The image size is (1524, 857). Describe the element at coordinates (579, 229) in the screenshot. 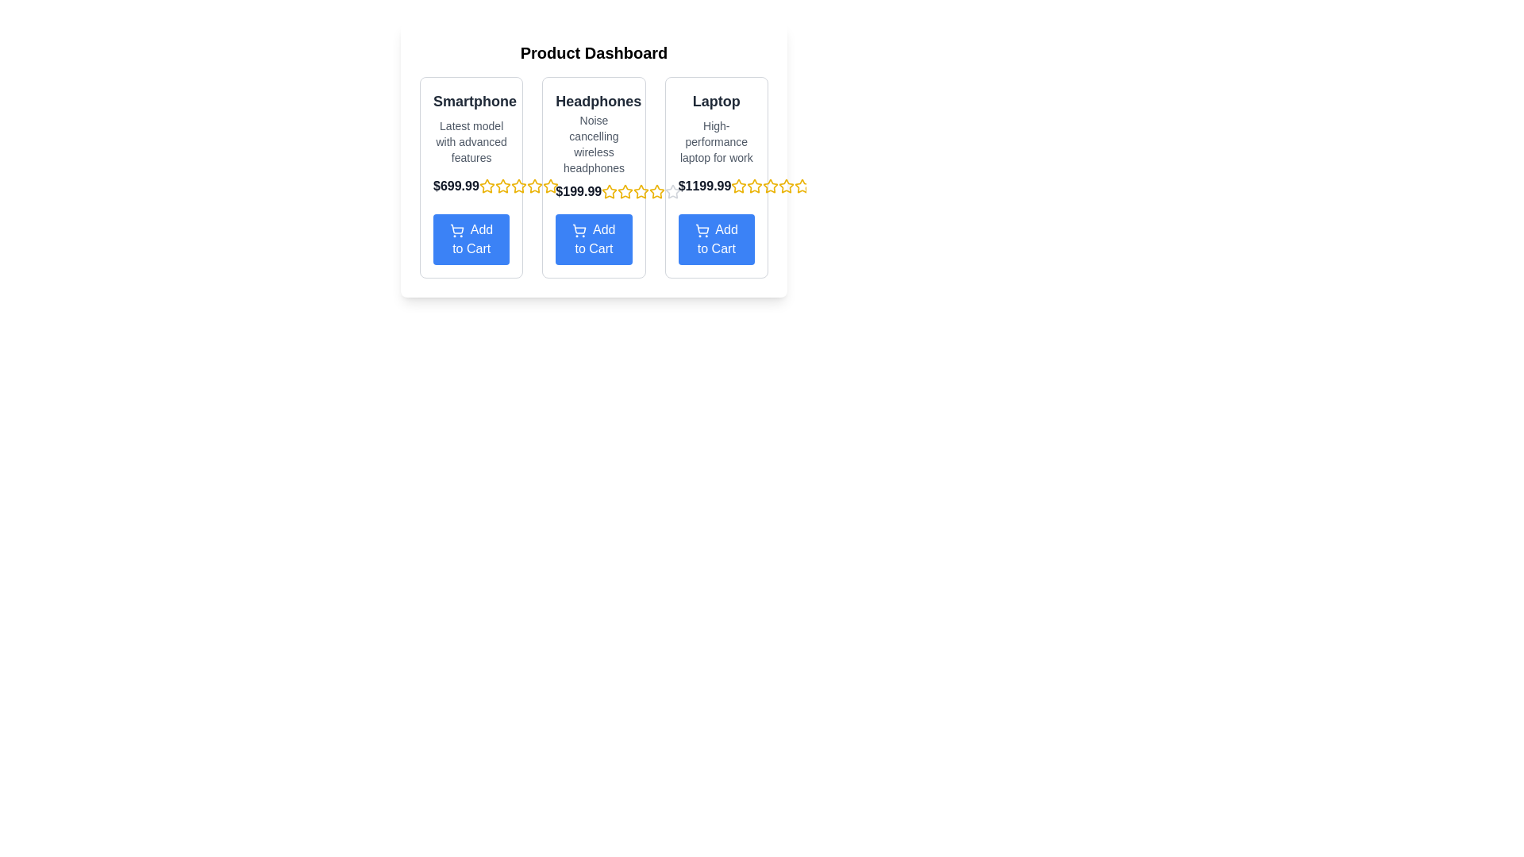

I see `the shopping cart icon in the 'Add to Cart' section for the second product card titled 'Headphones'` at that location.